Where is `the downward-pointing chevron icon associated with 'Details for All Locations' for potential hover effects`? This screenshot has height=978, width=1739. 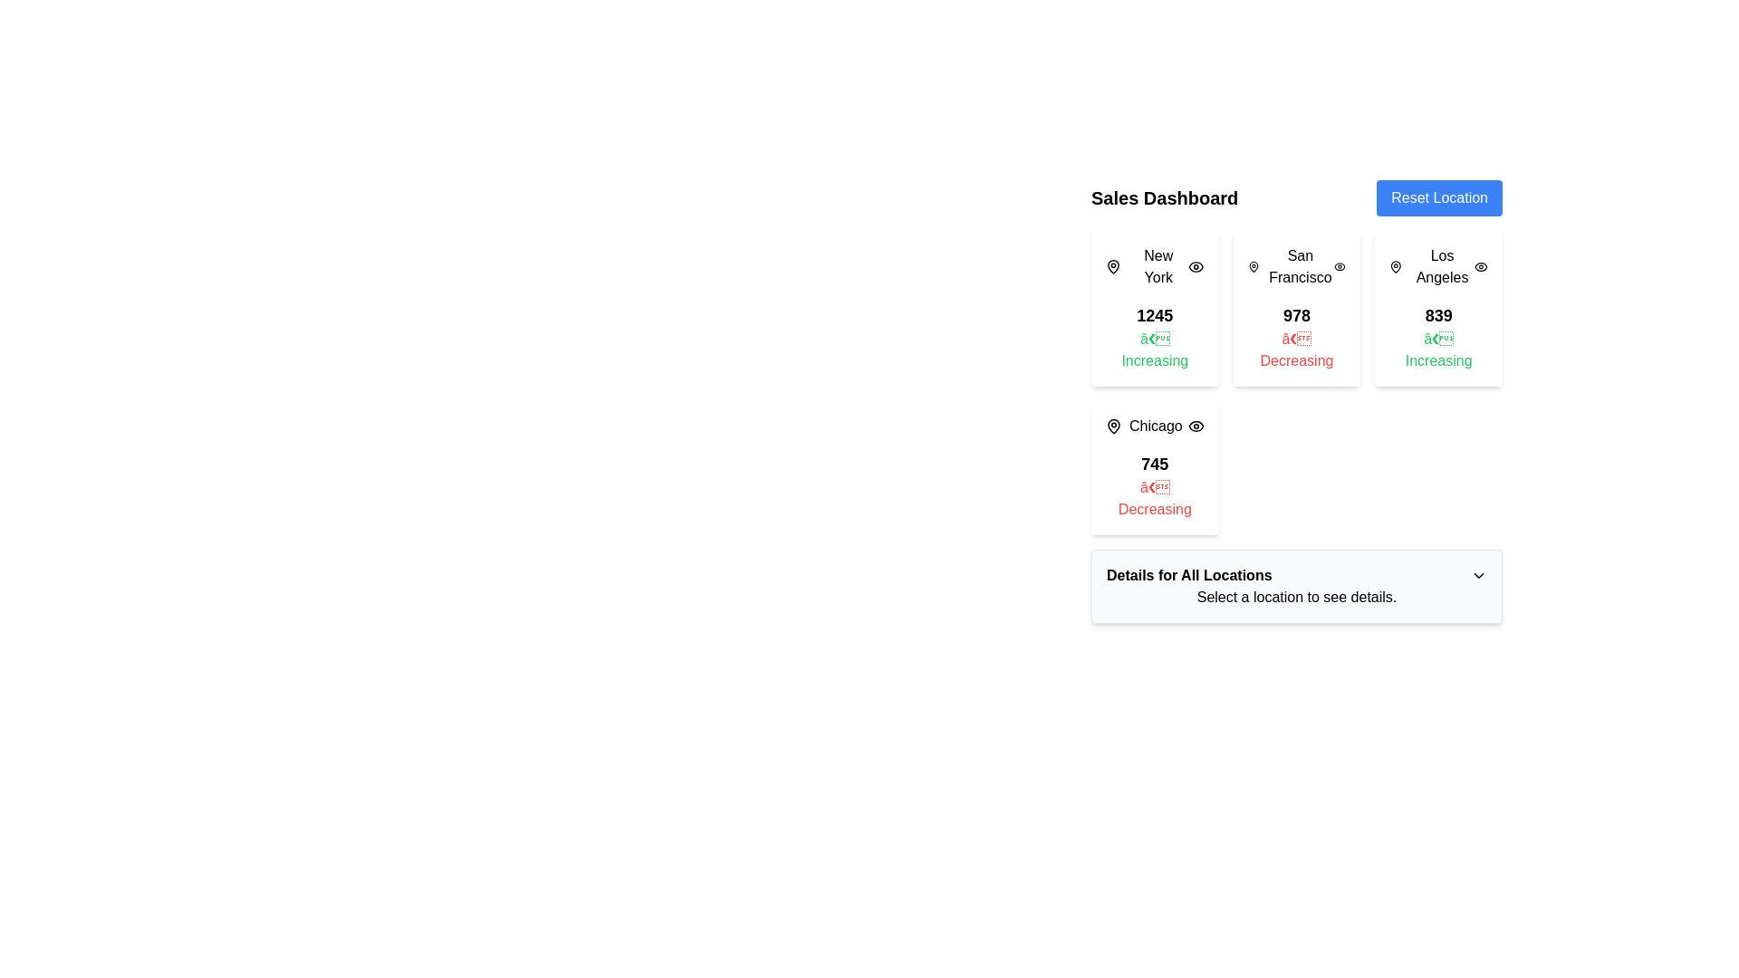
the downward-pointing chevron icon associated with 'Details for All Locations' for potential hover effects is located at coordinates (1478, 576).